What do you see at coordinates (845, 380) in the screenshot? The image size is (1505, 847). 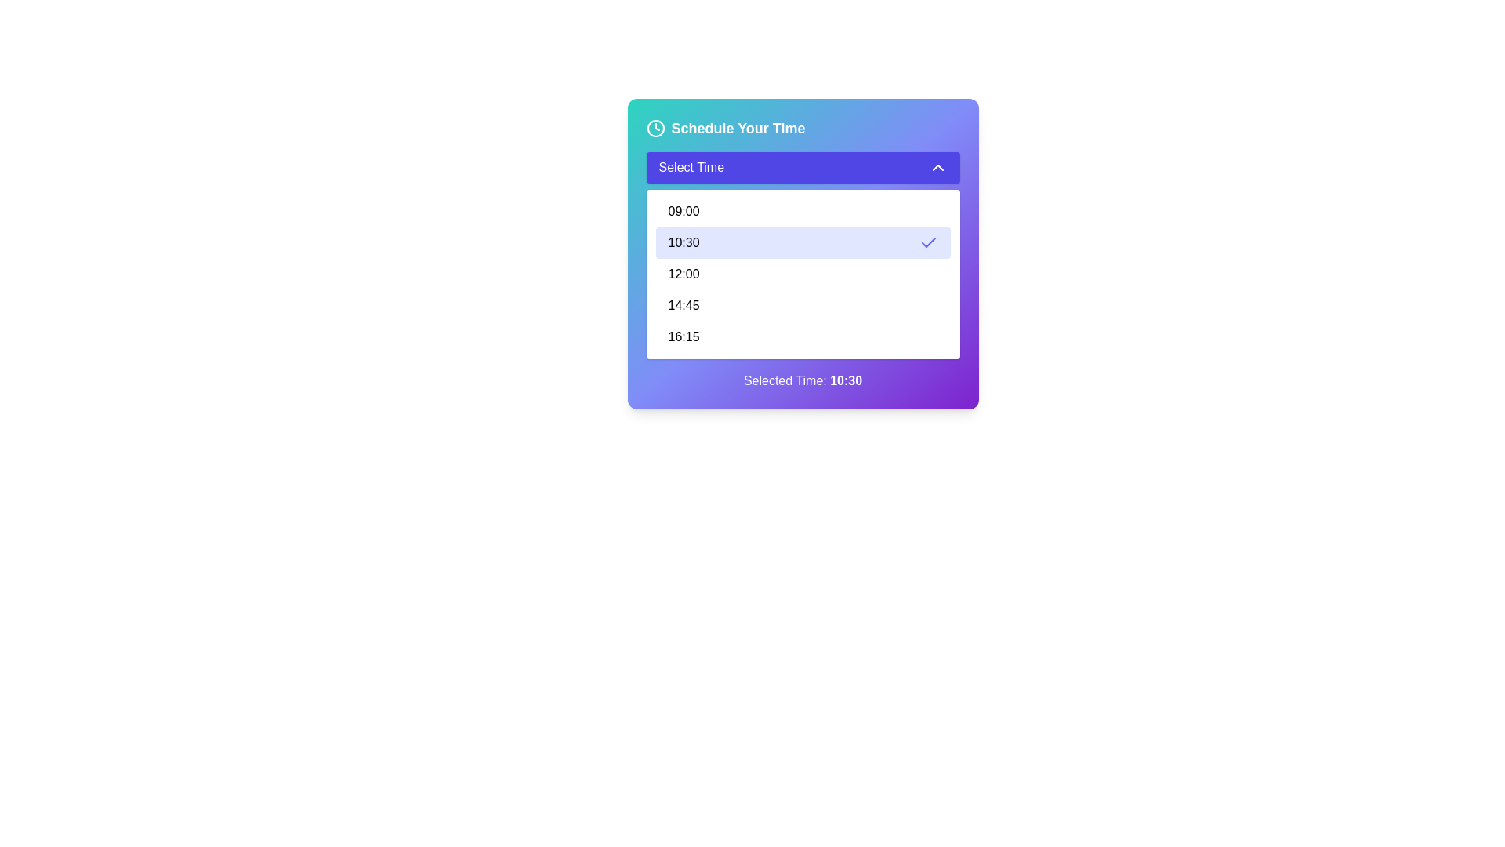 I see `the bold text displaying the time '10:30' in white font, which is located at the bottom center of a widget card, following the text 'Selected Time:' within a purple background section` at bounding box center [845, 380].